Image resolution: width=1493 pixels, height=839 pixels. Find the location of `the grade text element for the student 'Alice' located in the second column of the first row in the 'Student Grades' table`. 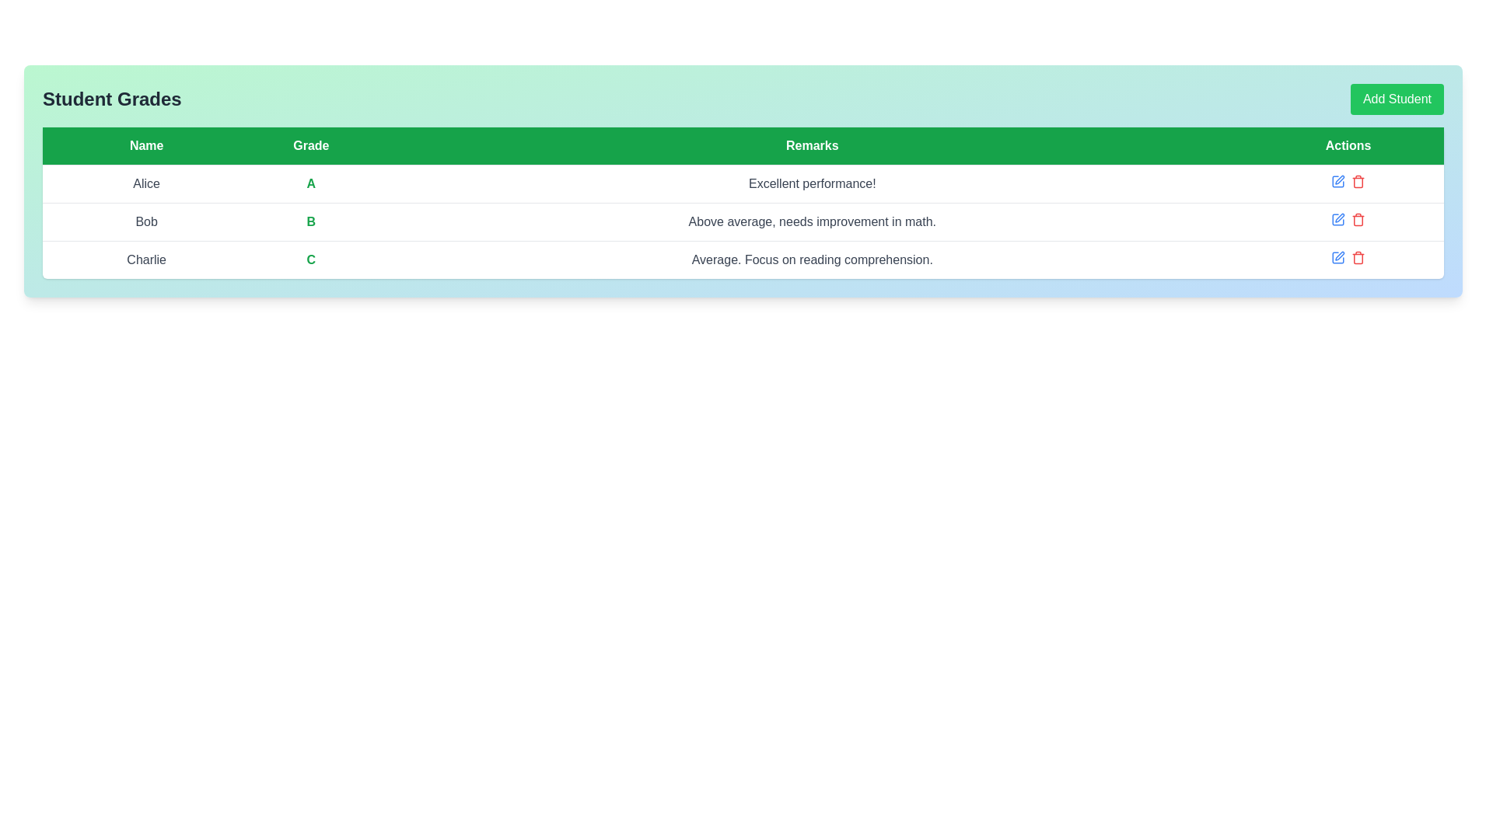

the grade text element for the student 'Alice' located in the second column of the first row in the 'Student Grades' table is located at coordinates (311, 183).